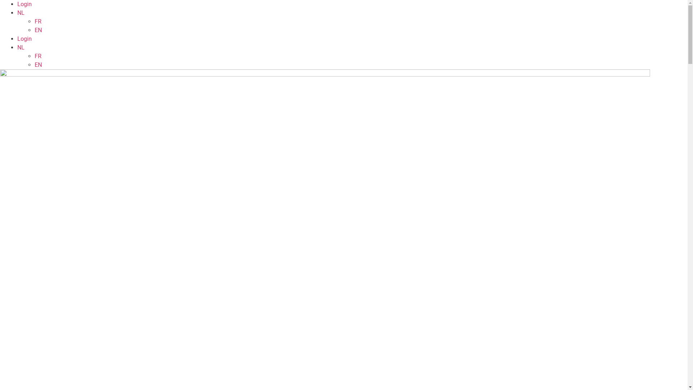 This screenshot has height=390, width=693. What do you see at coordinates (21, 47) in the screenshot?
I see `'NL'` at bounding box center [21, 47].